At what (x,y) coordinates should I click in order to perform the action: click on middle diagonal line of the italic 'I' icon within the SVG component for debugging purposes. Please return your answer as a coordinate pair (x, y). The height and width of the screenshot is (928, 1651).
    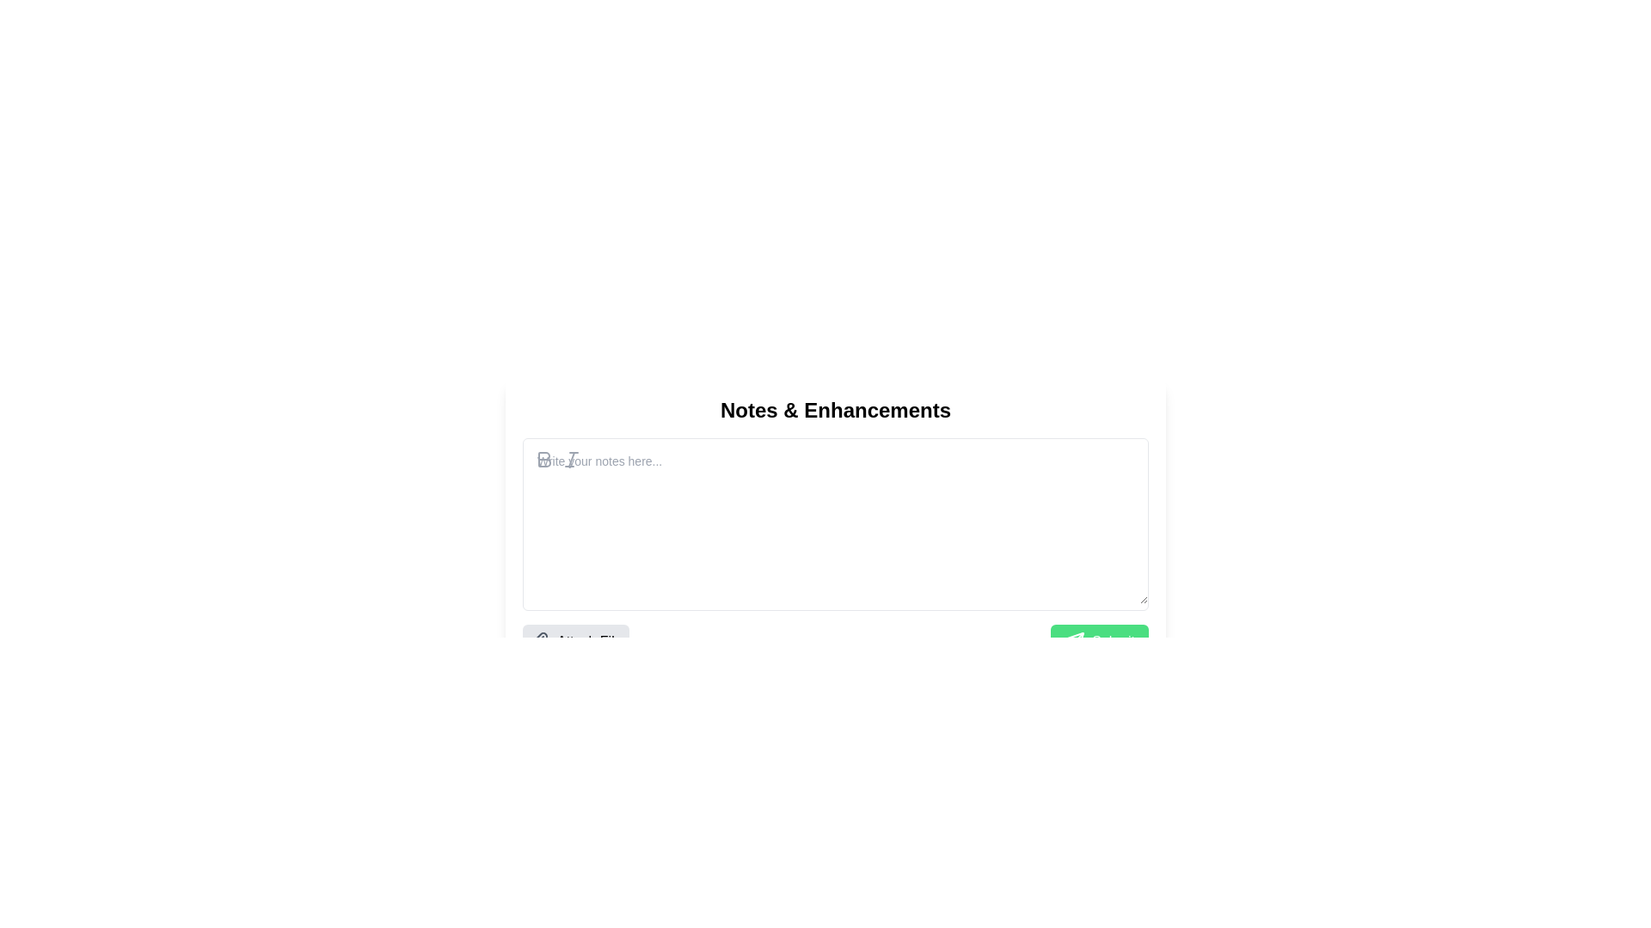
    Looking at the image, I should click on (572, 459).